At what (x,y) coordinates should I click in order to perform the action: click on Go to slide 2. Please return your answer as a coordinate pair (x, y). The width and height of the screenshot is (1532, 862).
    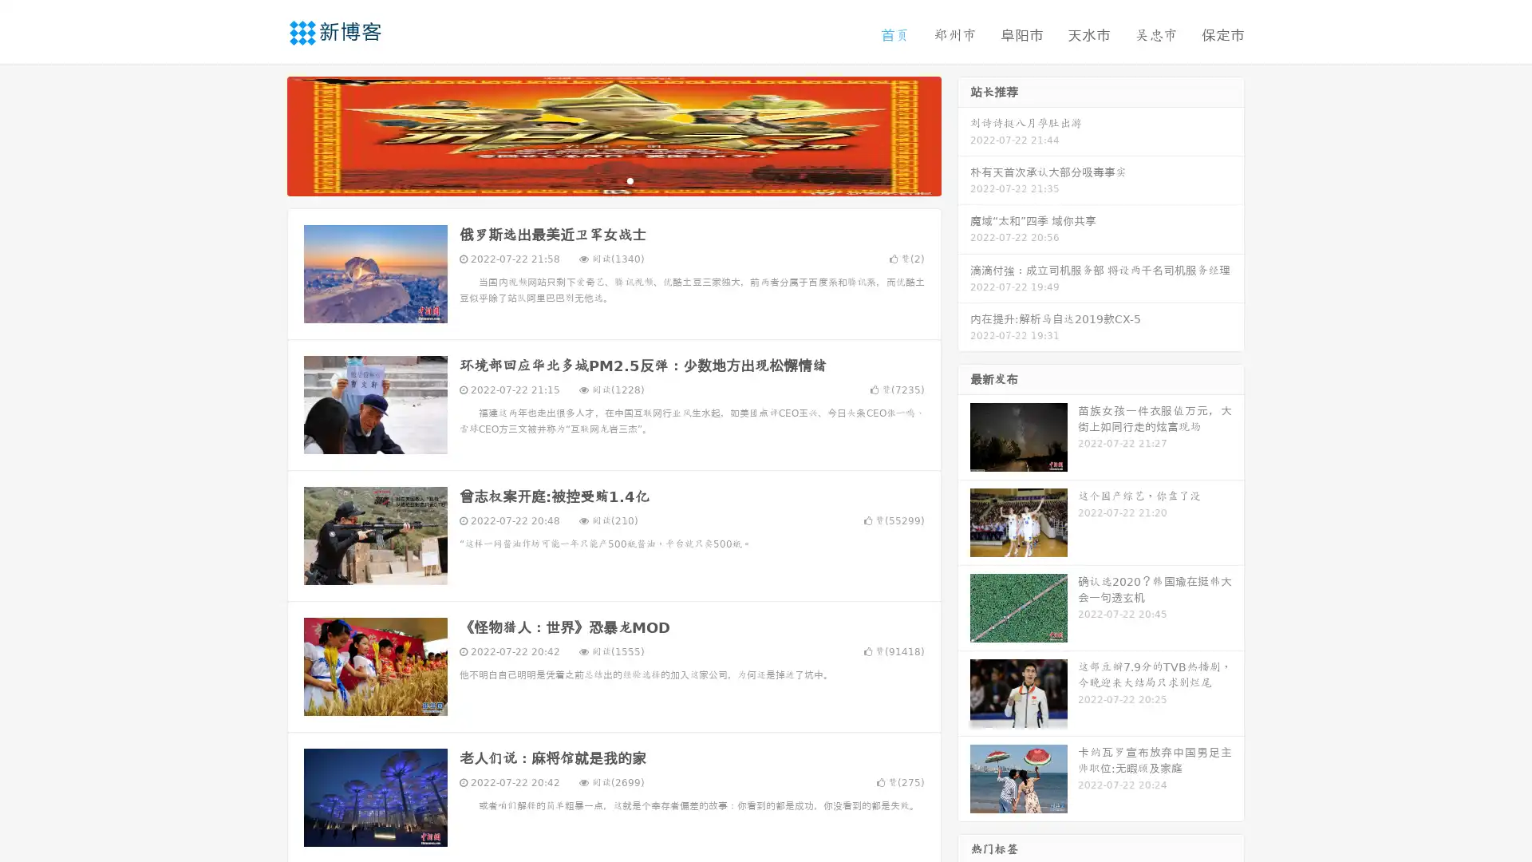
    Looking at the image, I should click on (613, 180).